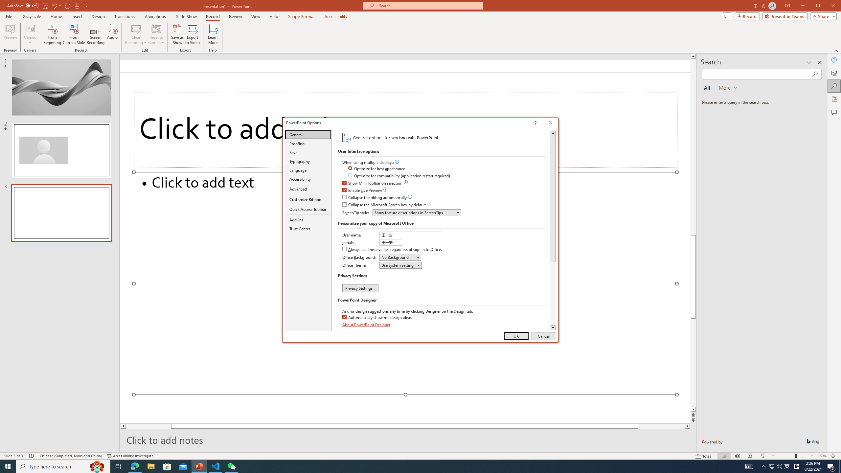  Describe the element at coordinates (74, 34) in the screenshot. I see `'From Current Slide...'` at that location.